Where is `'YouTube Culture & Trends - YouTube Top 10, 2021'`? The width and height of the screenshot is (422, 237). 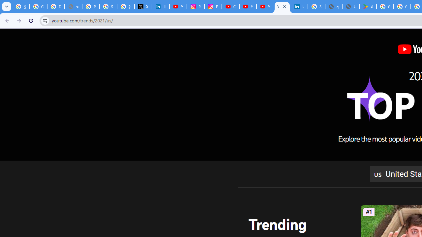
'YouTube Culture & Trends - YouTube Top 10, 2021' is located at coordinates (282, 7).